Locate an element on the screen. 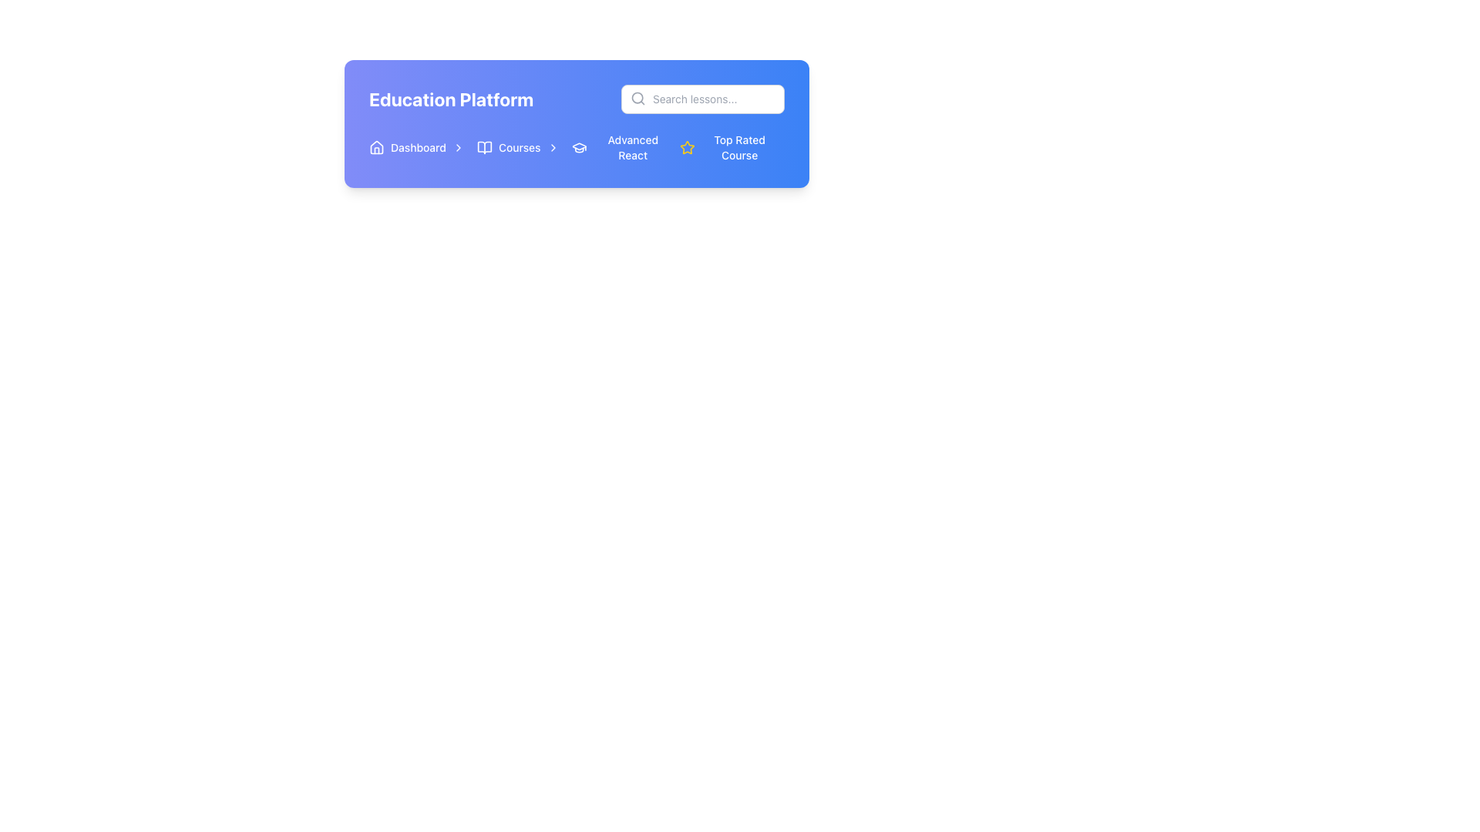 The width and height of the screenshot is (1480, 832). the graduation cap icon in the navigation bar, located to the left of the 'Education Platform' text is located at coordinates (578, 146).